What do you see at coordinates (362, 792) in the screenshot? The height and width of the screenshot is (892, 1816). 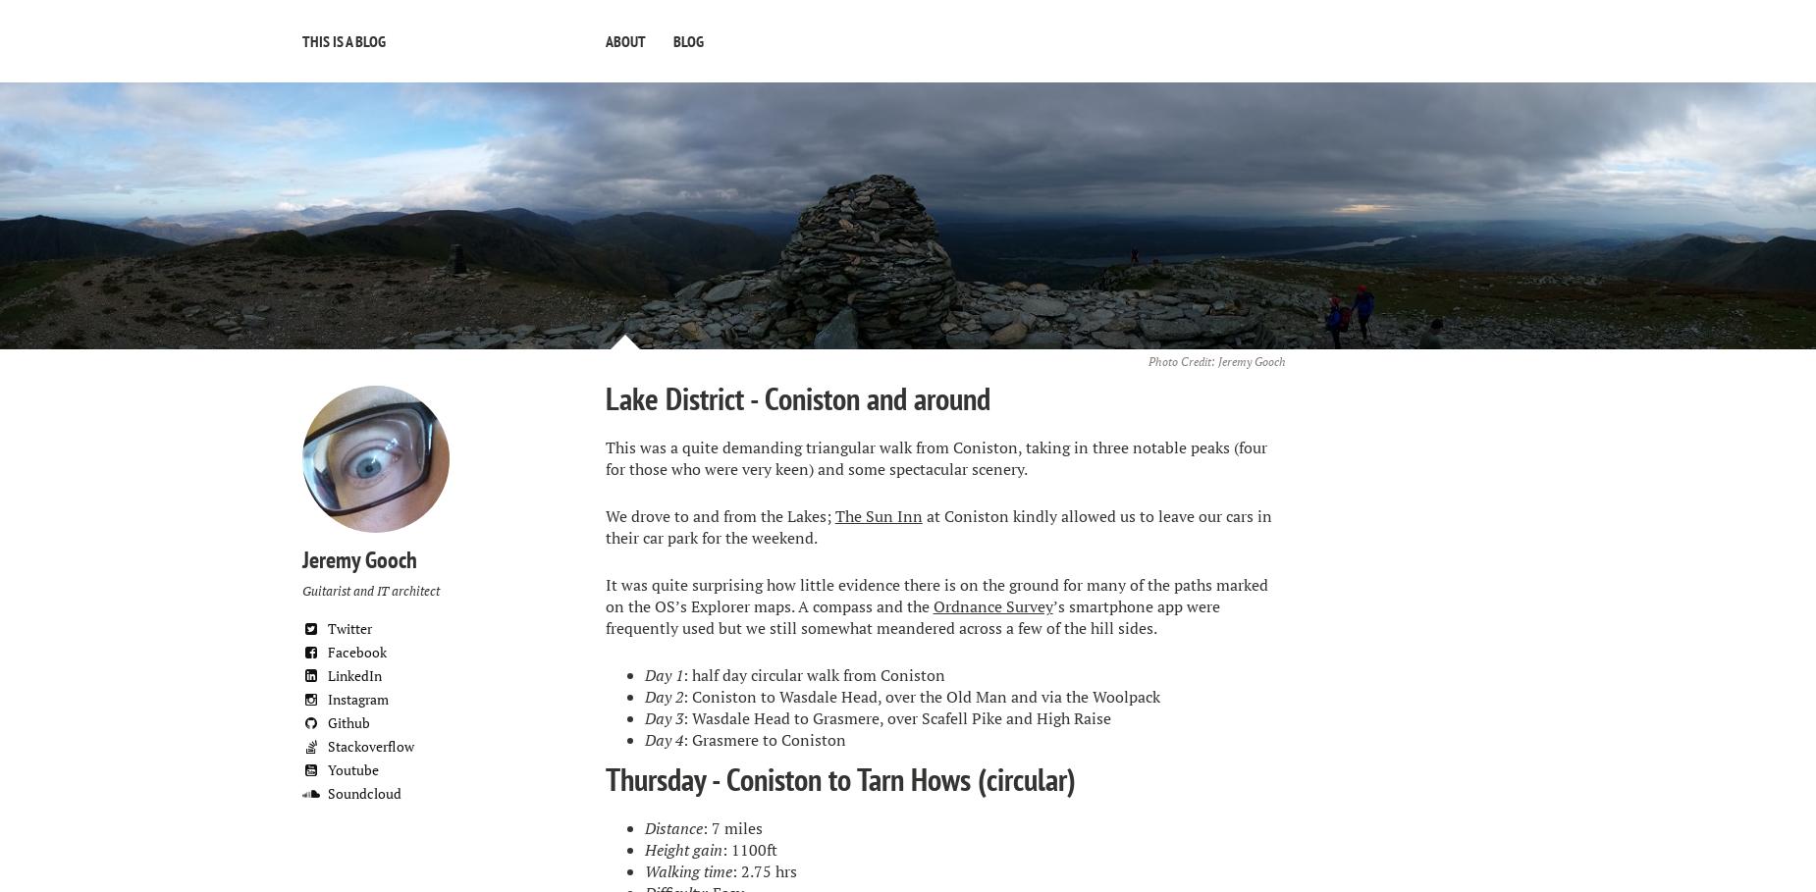 I see `'Soundcloud'` at bounding box center [362, 792].